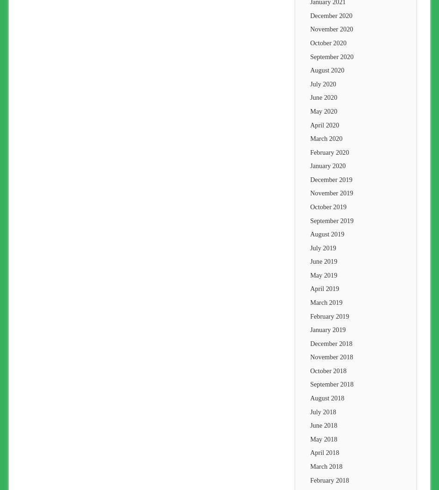  Describe the element at coordinates (329, 151) in the screenshot. I see `'February 2020'` at that location.